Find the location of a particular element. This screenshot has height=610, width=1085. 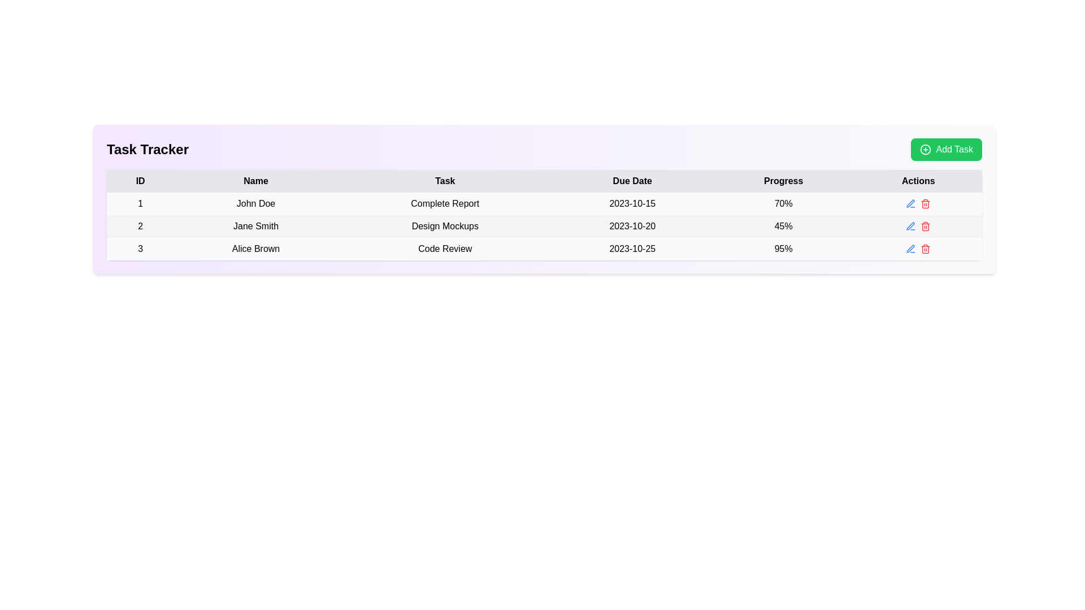

the red trash can icon button is located at coordinates (925, 204).